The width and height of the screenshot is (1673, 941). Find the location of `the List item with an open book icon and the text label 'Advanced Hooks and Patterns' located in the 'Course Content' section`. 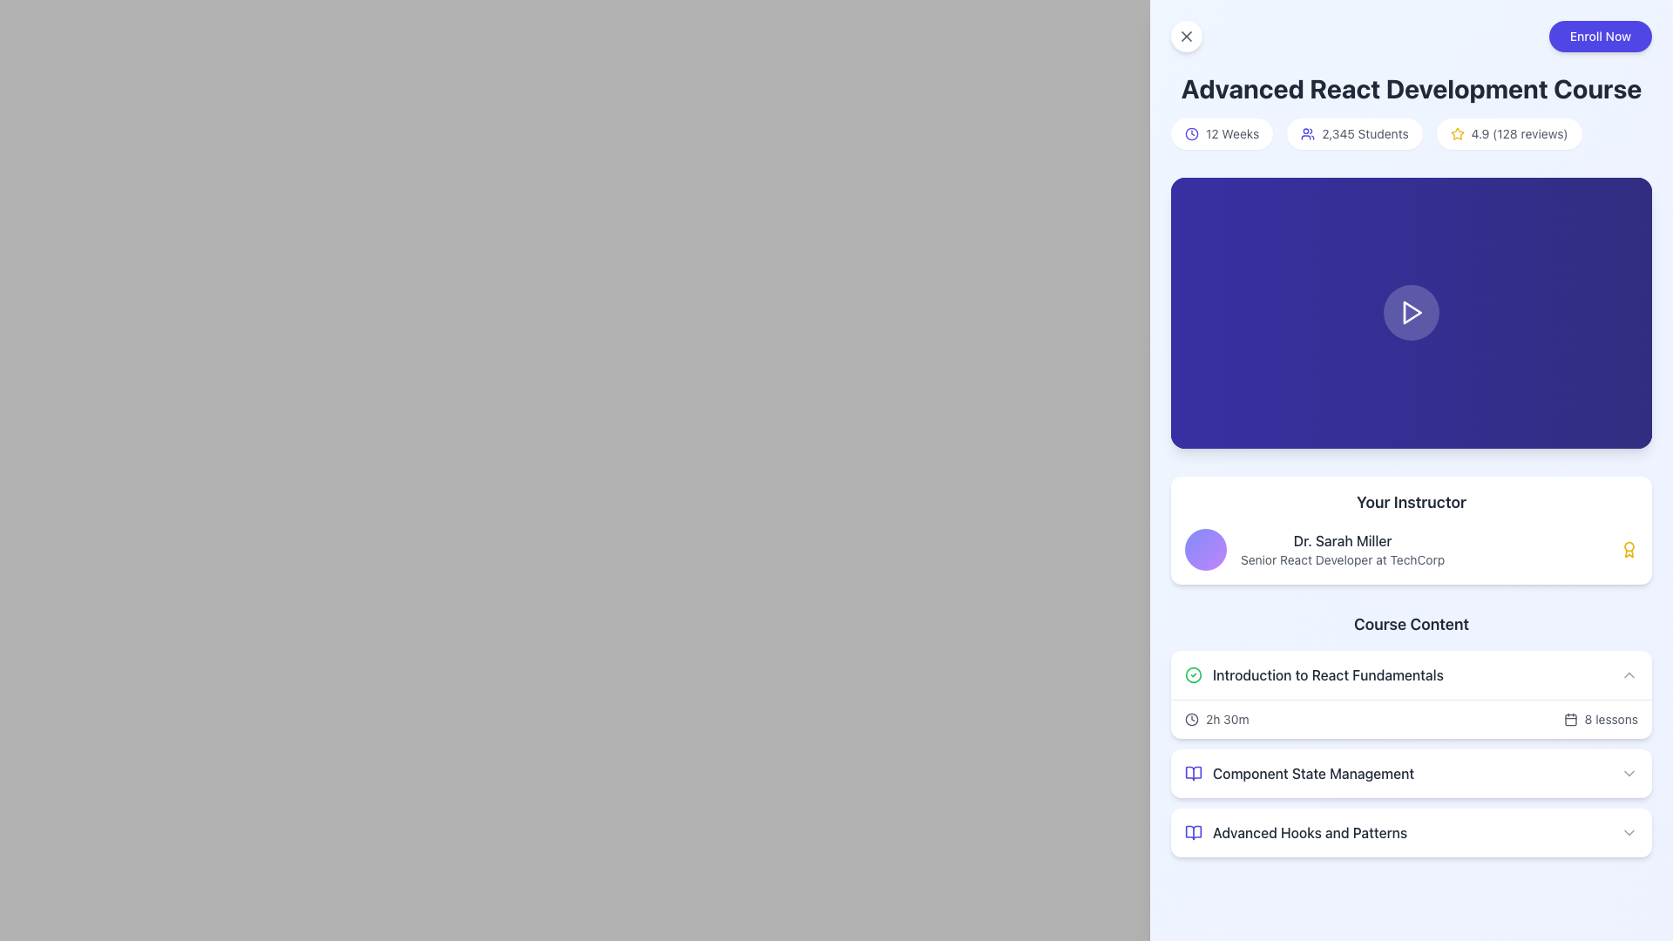

the List item with an open book icon and the text label 'Advanced Hooks and Patterns' located in the 'Course Content' section is located at coordinates (1296, 831).